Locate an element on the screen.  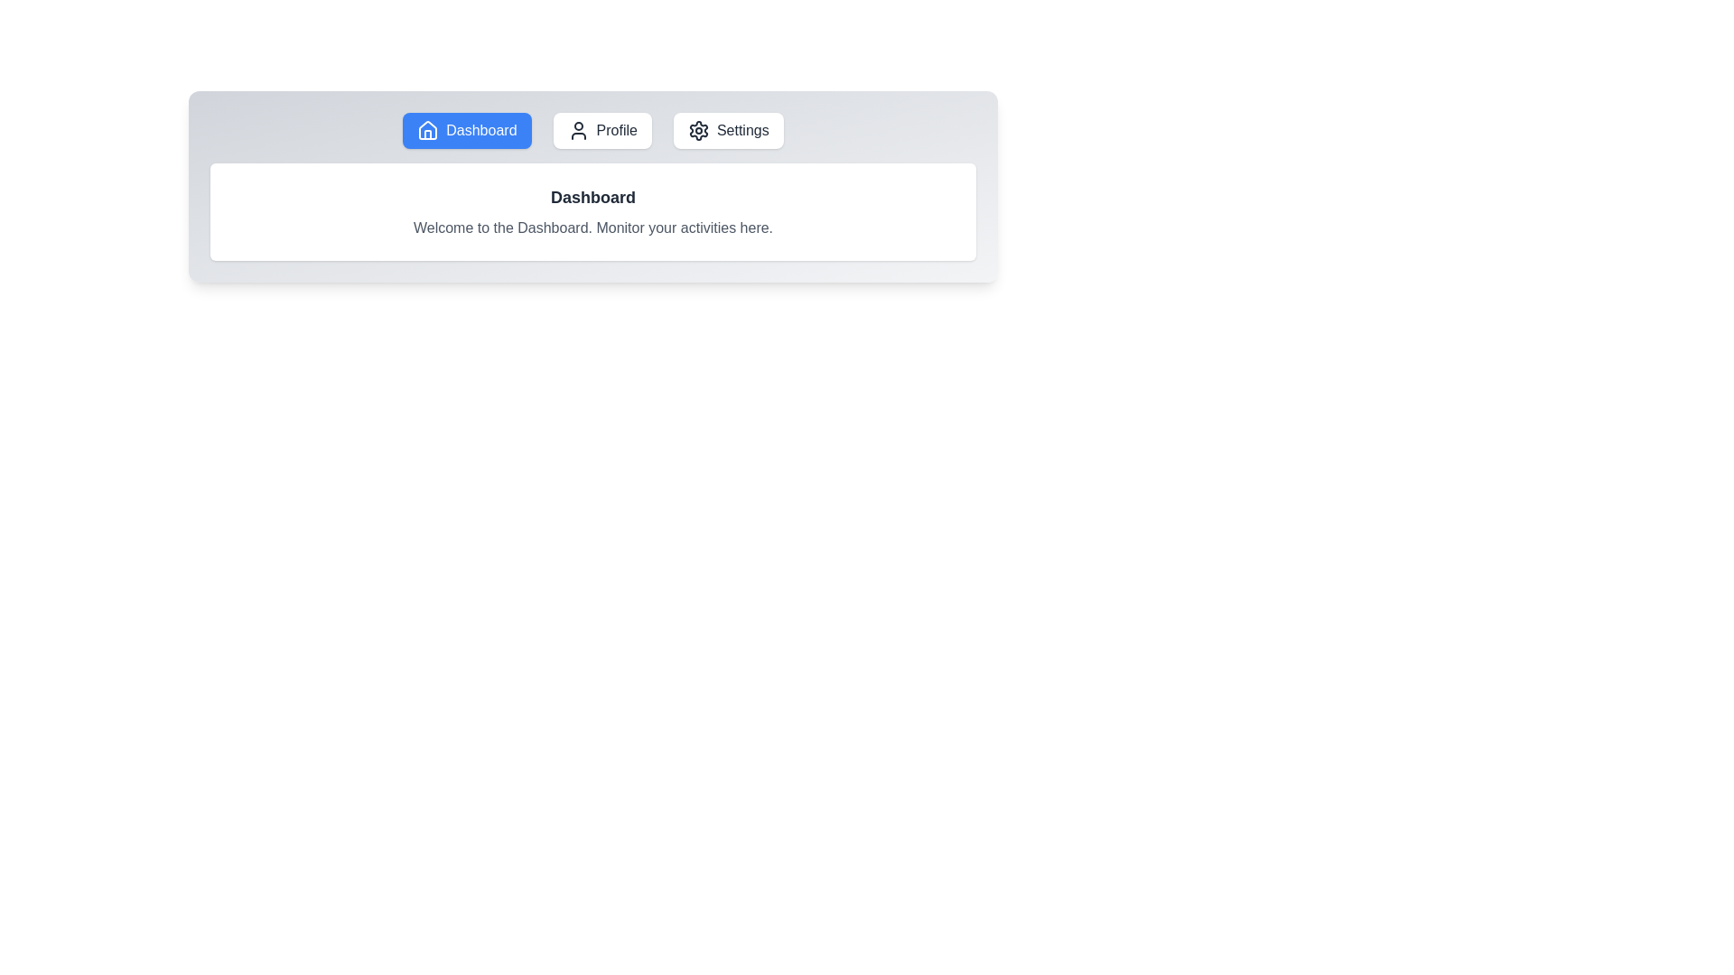
the tab button labeled Settings is located at coordinates (728, 130).